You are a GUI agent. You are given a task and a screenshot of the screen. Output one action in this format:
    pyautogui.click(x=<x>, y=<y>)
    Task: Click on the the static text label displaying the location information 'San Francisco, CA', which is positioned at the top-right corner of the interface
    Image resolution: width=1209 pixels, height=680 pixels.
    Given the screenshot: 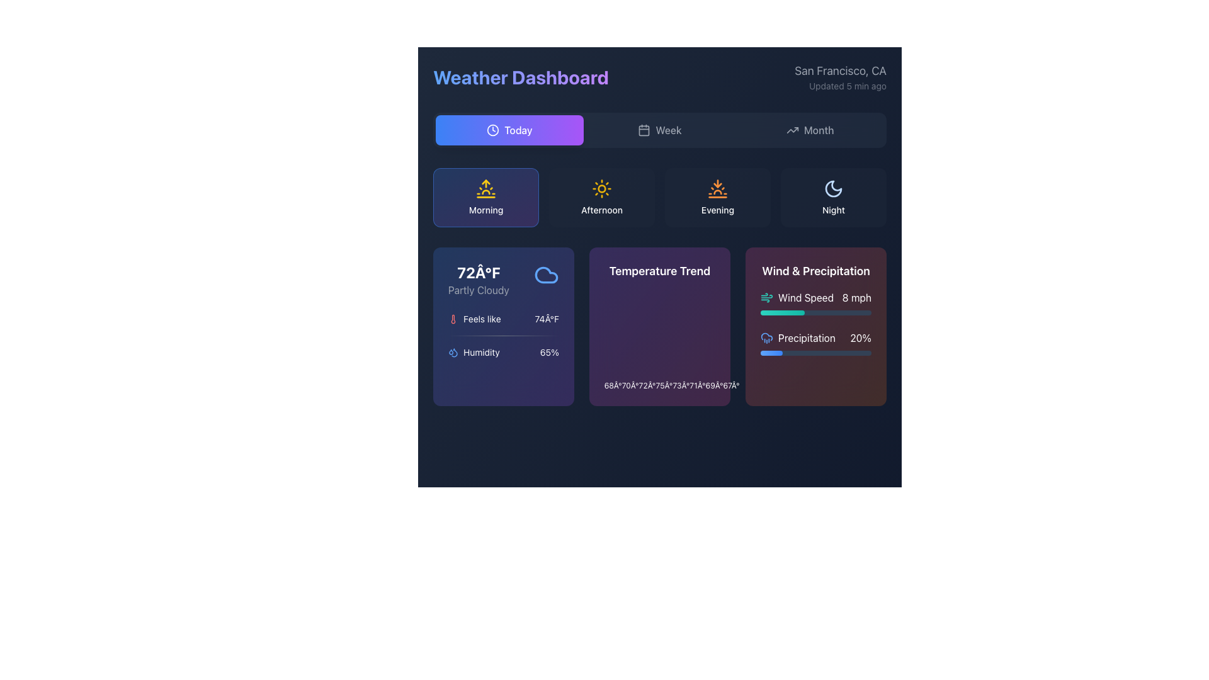 What is the action you would take?
    pyautogui.click(x=841, y=71)
    